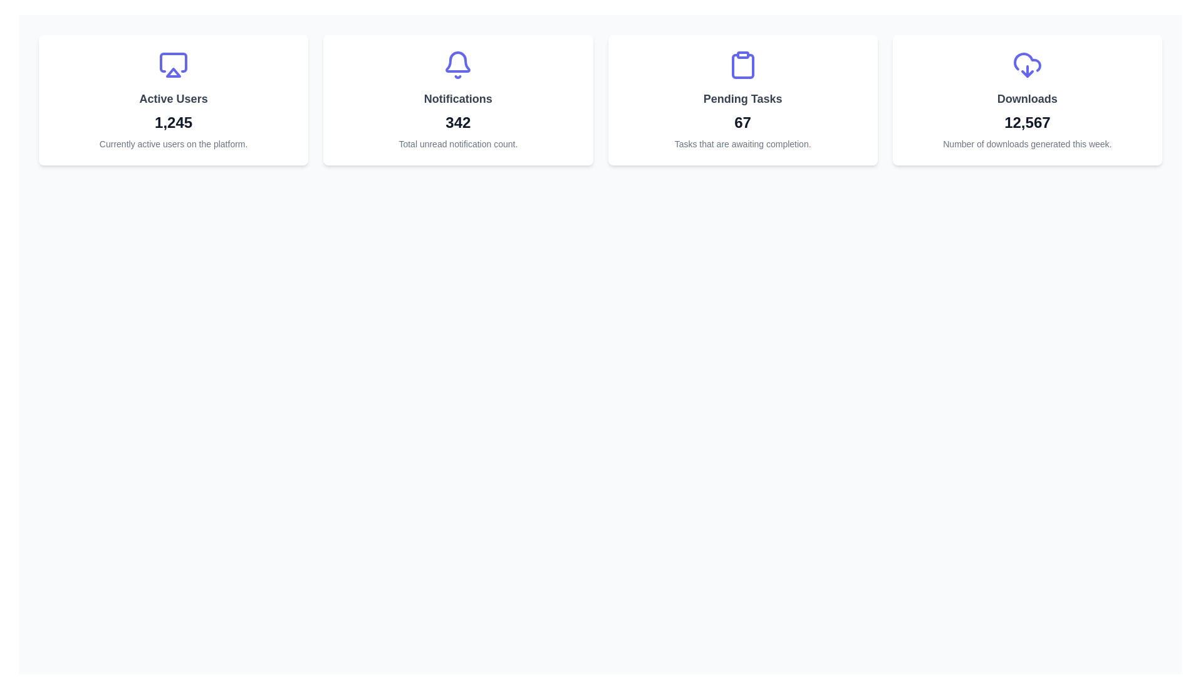 This screenshot has width=1203, height=677. I want to click on the cloud-shaped SVG icon representing the download action located at the top center of the 'Downloads' card, so click(1027, 62).